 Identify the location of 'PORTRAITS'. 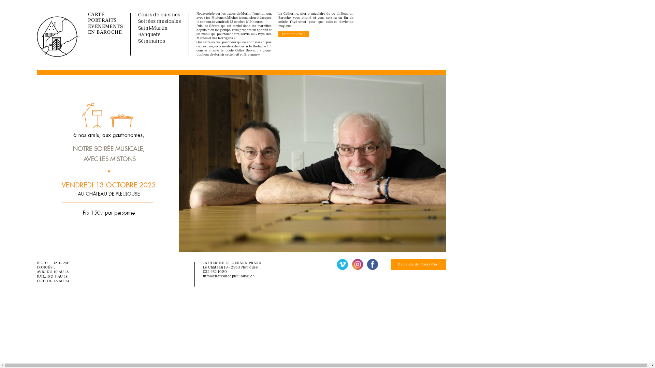
(102, 20).